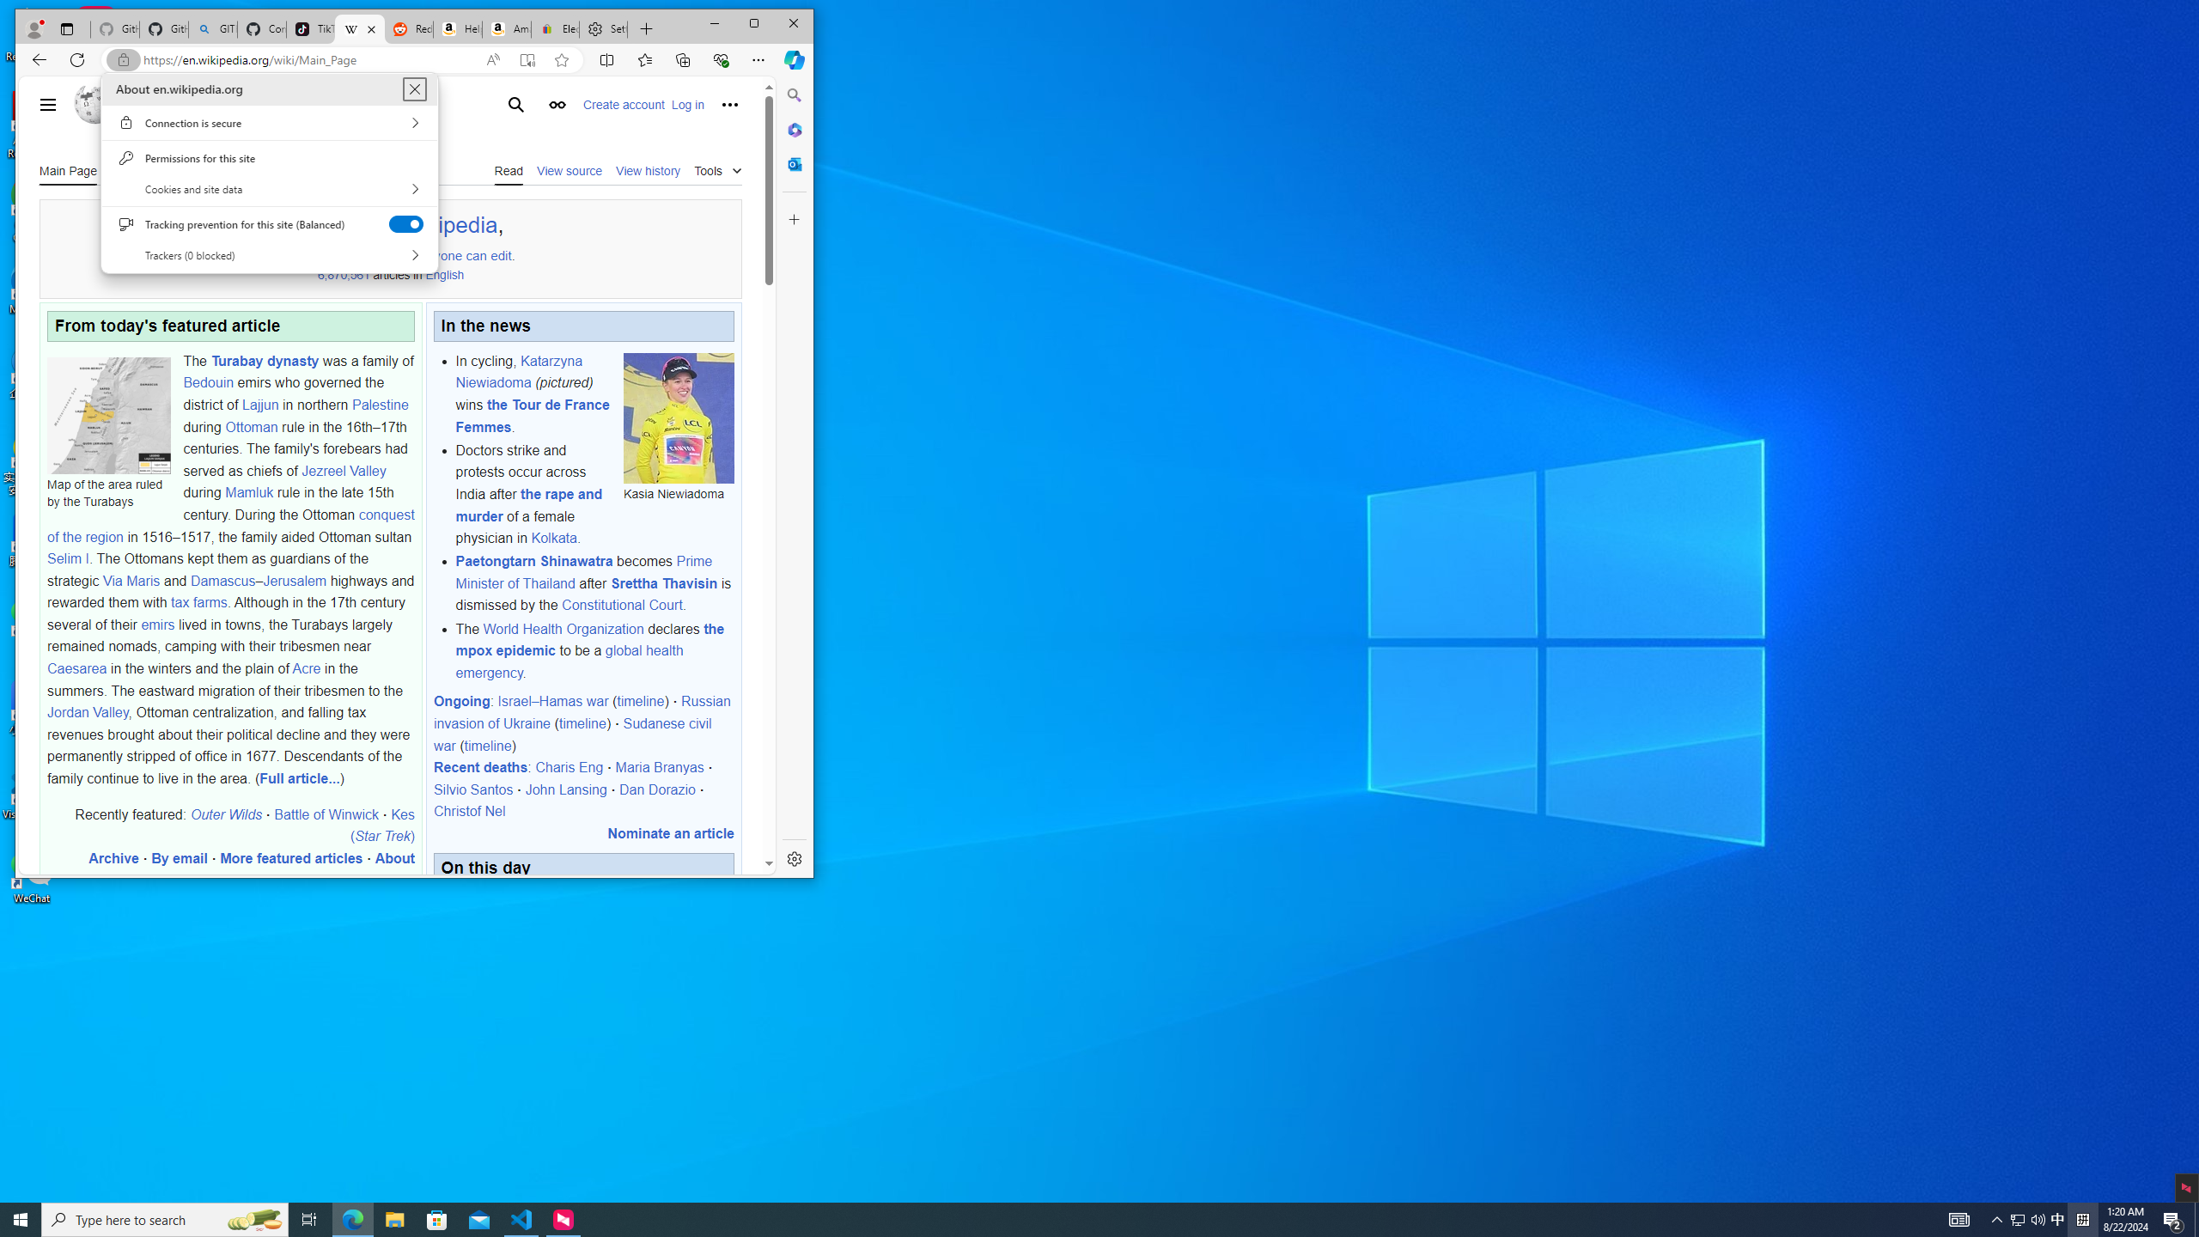 The height and width of the screenshot is (1237, 2199). I want to click on 'Prime Minister of Thailand', so click(582, 572).